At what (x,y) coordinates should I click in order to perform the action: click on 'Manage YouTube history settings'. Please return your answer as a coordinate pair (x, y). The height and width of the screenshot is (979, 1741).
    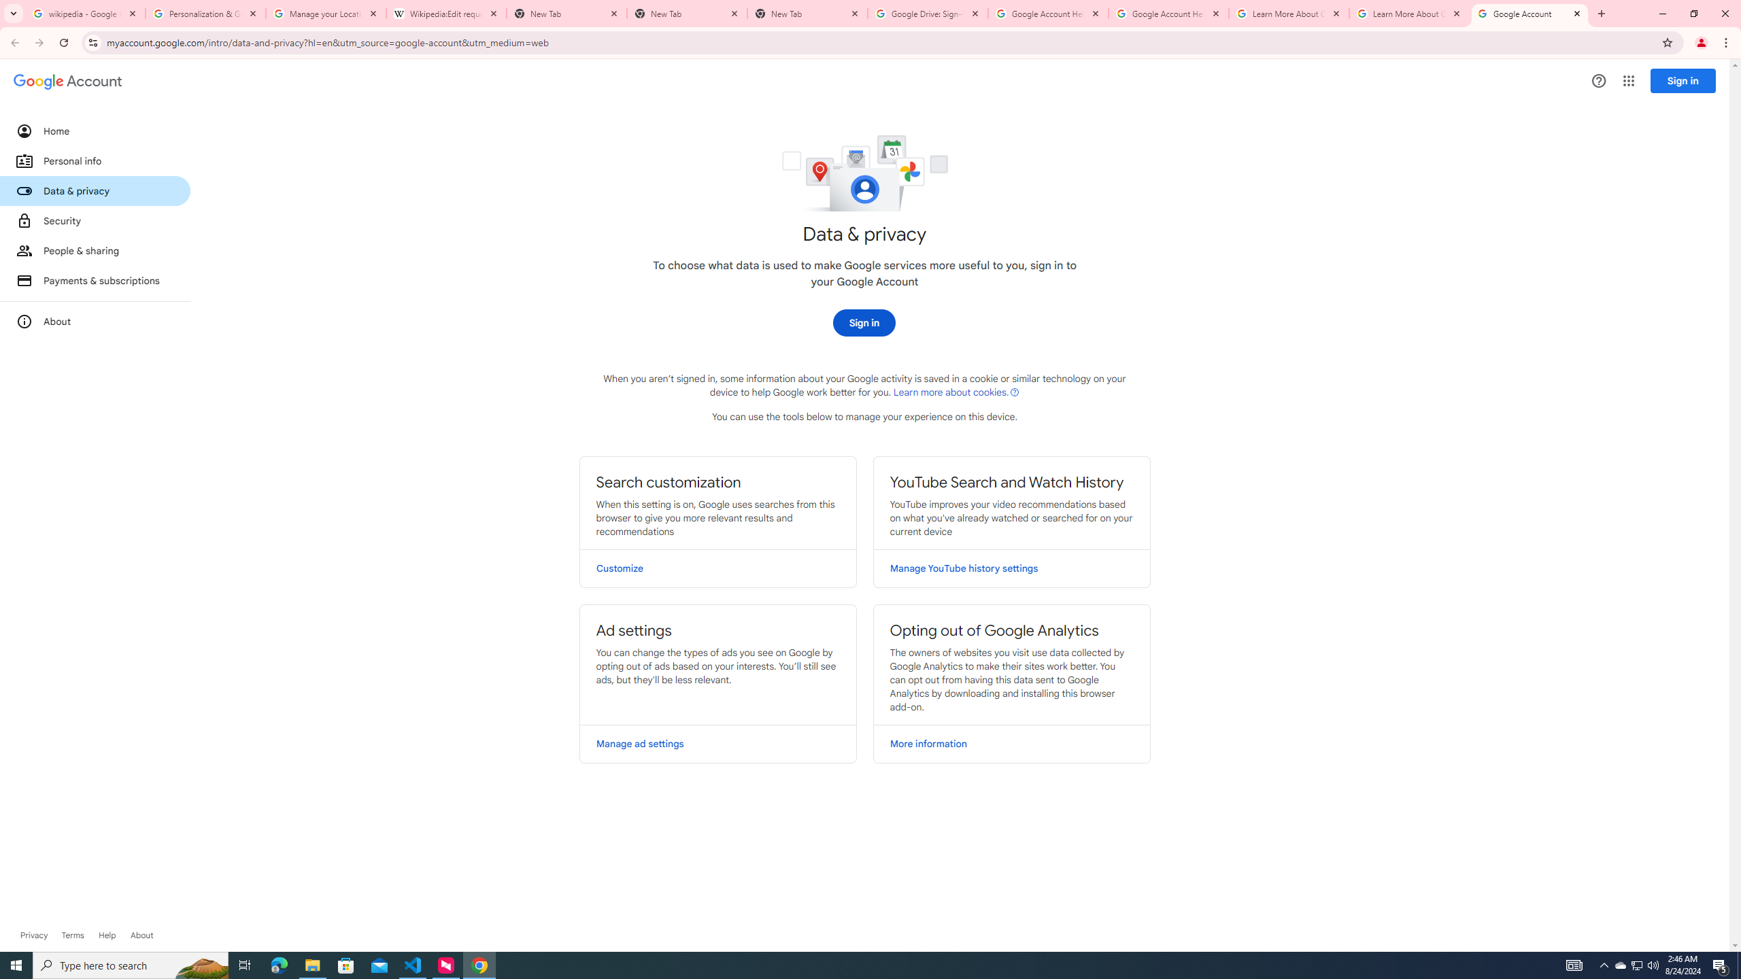
    Looking at the image, I should click on (1011, 568).